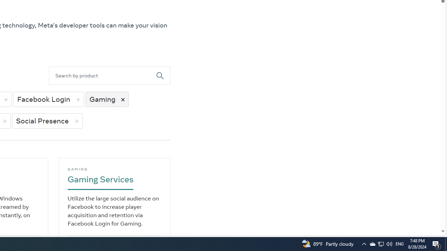 The width and height of the screenshot is (447, 251). Describe the element at coordinates (102, 76) in the screenshot. I see `'Search by product'` at that location.